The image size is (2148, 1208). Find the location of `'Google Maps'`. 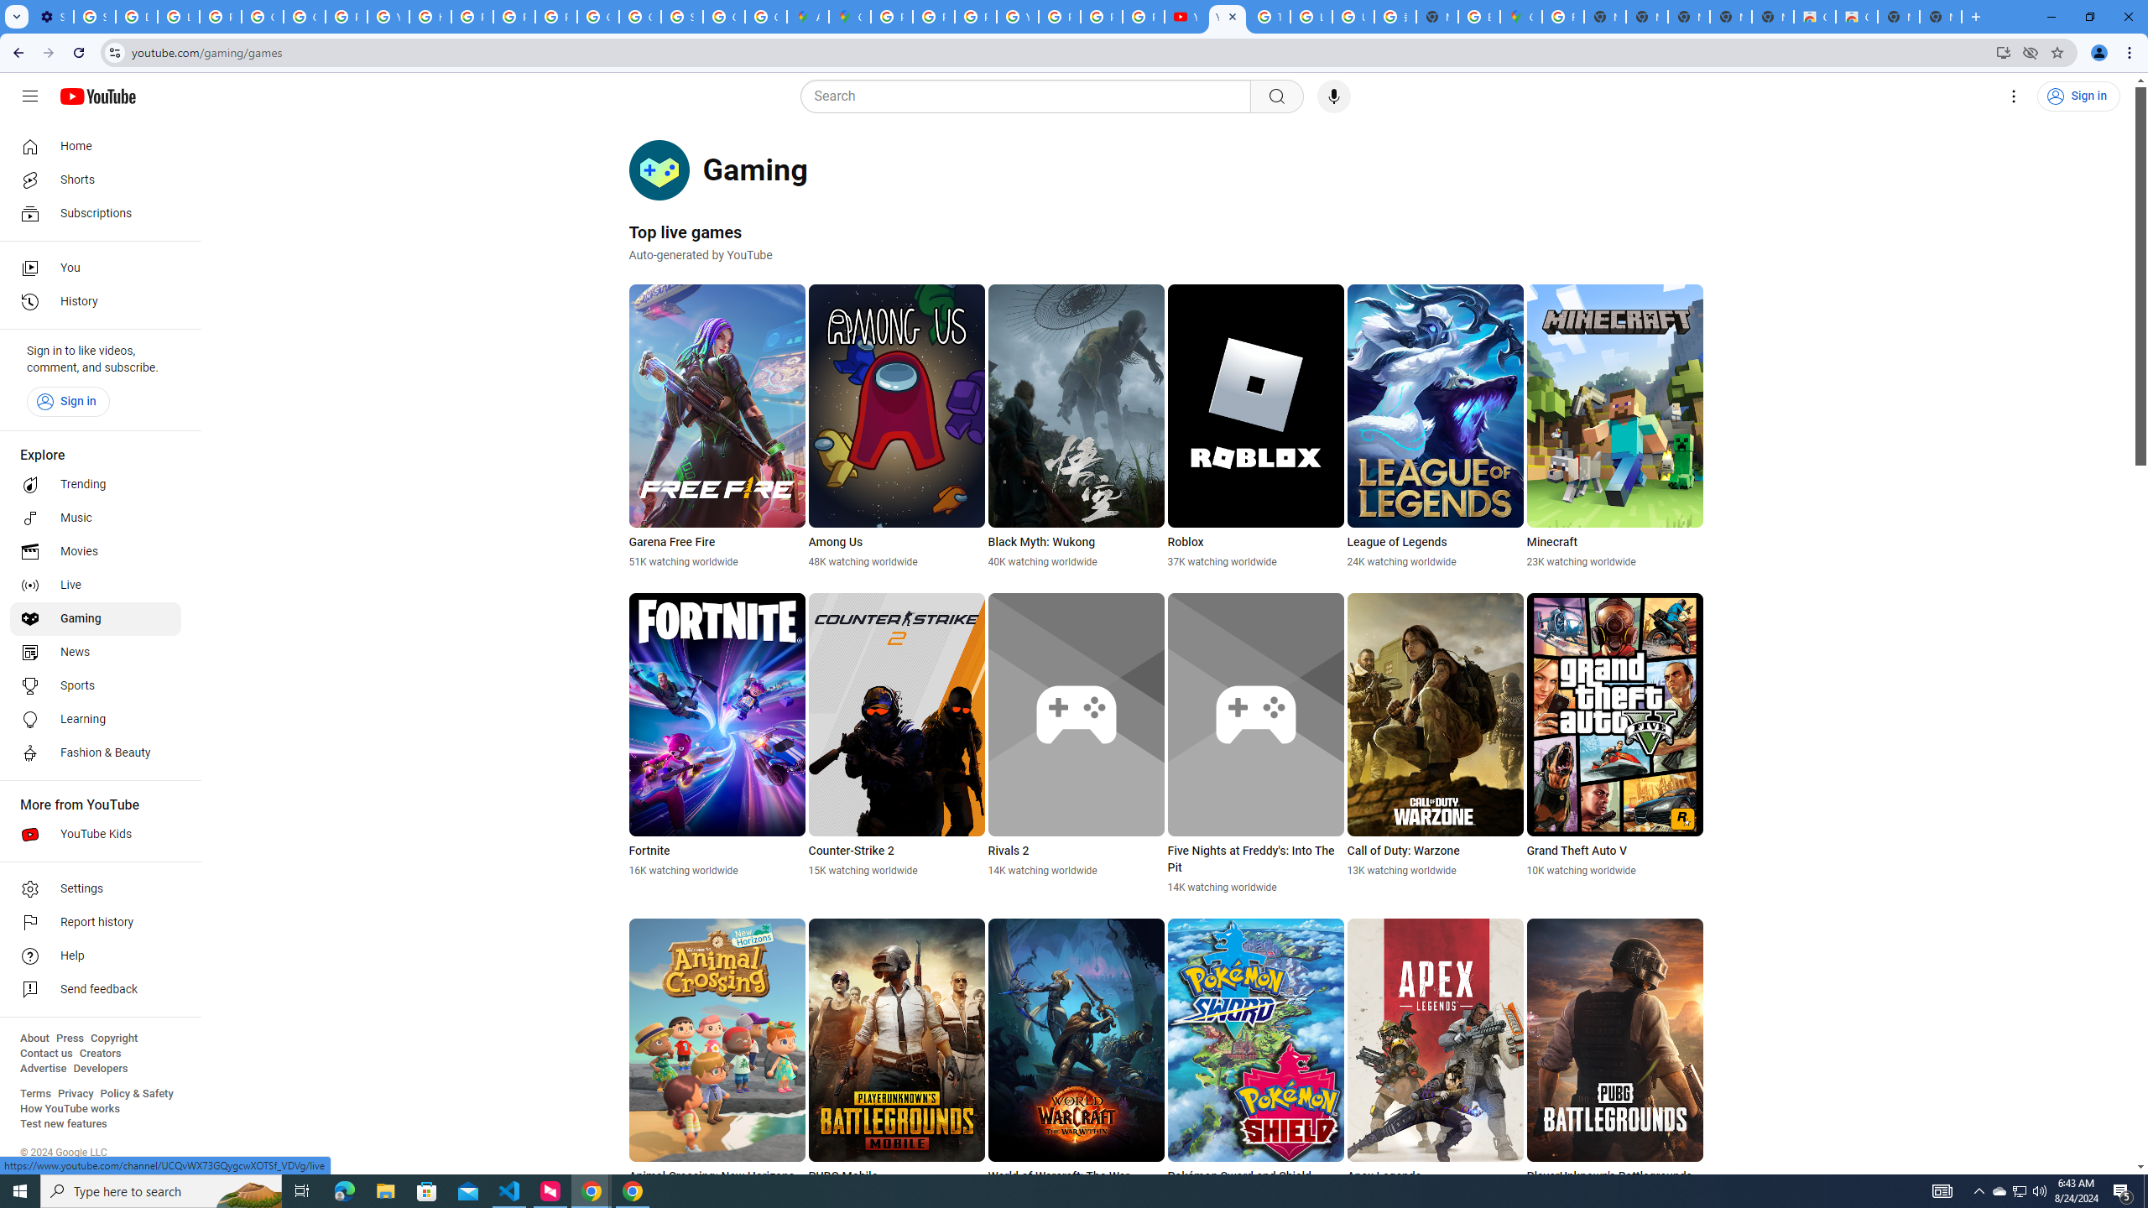

'Google Maps' is located at coordinates (1520, 16).